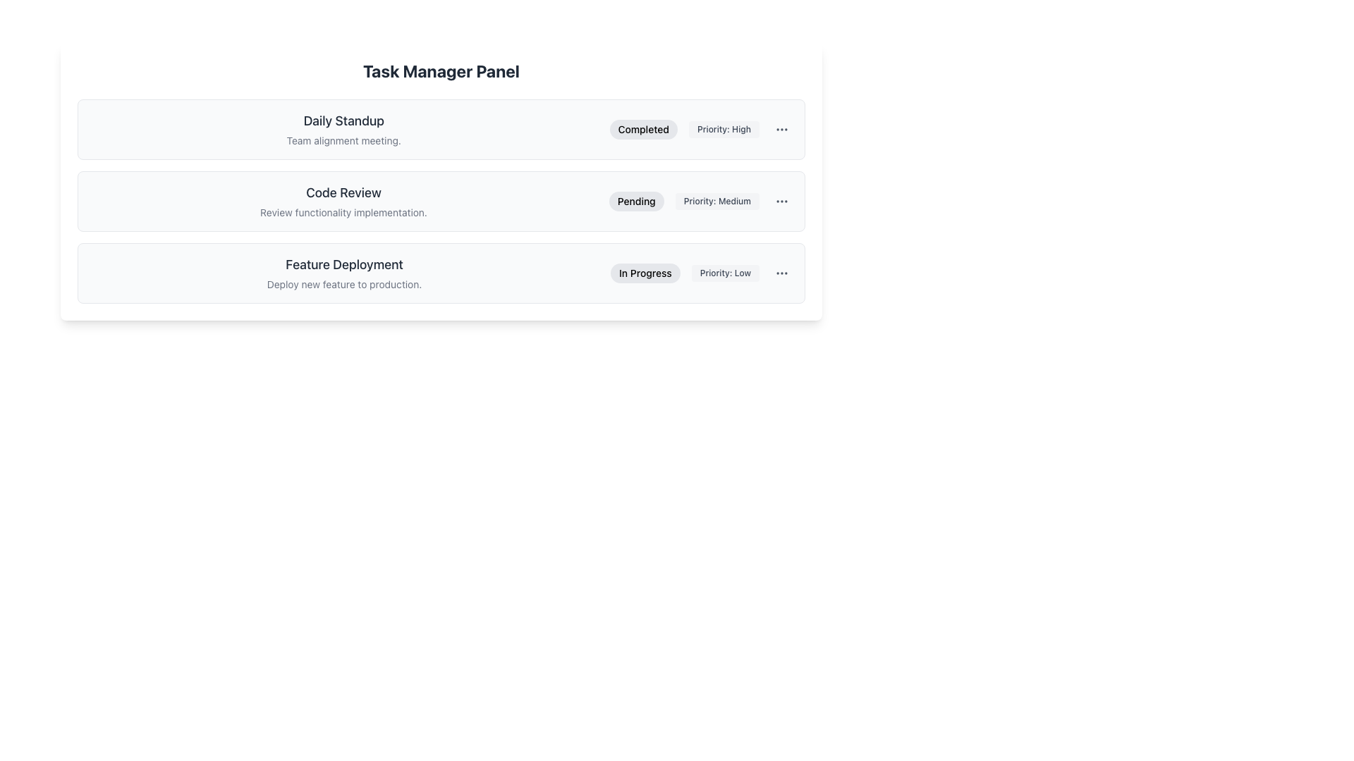 Image resolution: width=1354 pixels, height=761 pixels. What do you see at coordinates (781, 273) in the screenshot?
I see `the circular button located at the far right end of the 'Feature Deployment' card` at bounding box center [781, 273].